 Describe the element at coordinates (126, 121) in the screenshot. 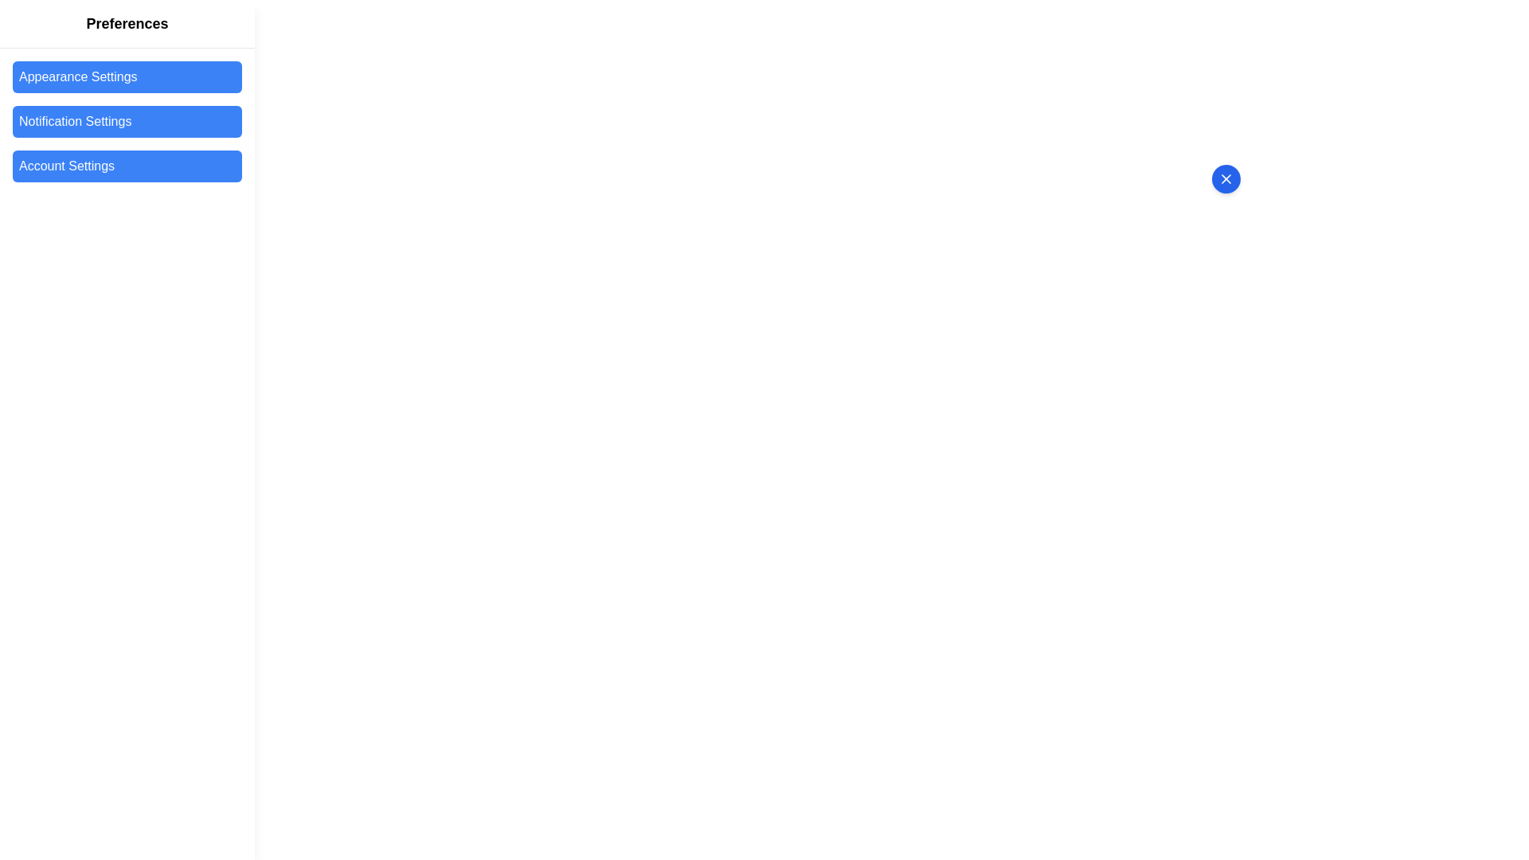

I see `the wide blue button labeled 'Notification Settings'` at that location.